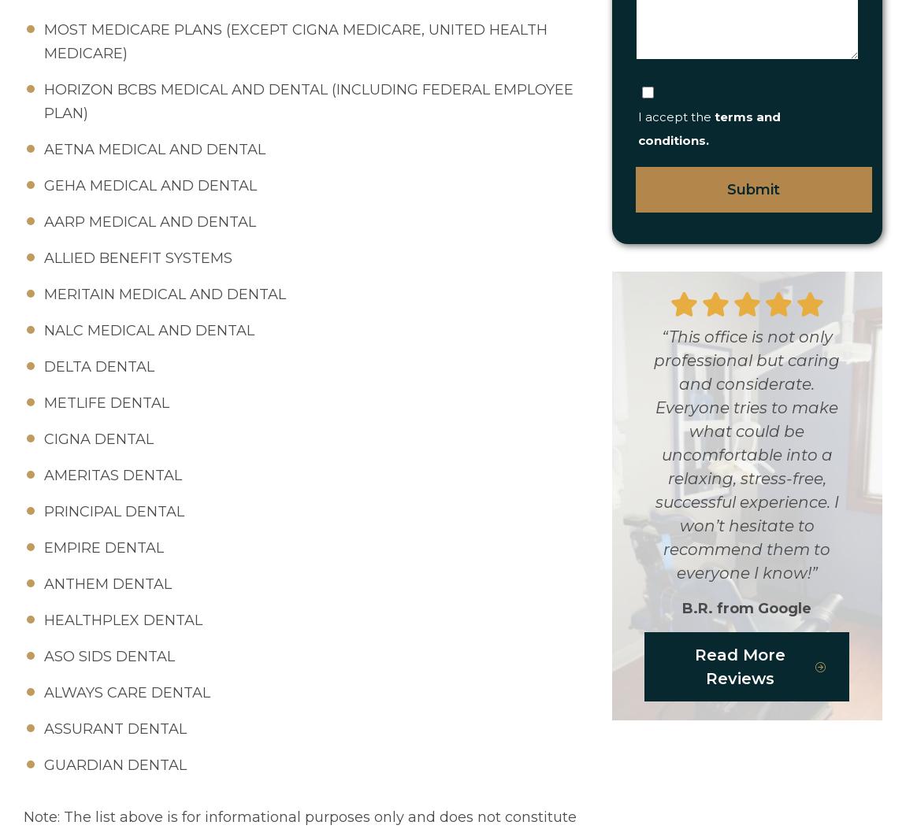 The height and width of the screenshot is (829, 906). What do you see at coordinates (114, 765) in the screenshot?
I see `'GUARDIAN DENTAL'` at bounding box center [114, 765].